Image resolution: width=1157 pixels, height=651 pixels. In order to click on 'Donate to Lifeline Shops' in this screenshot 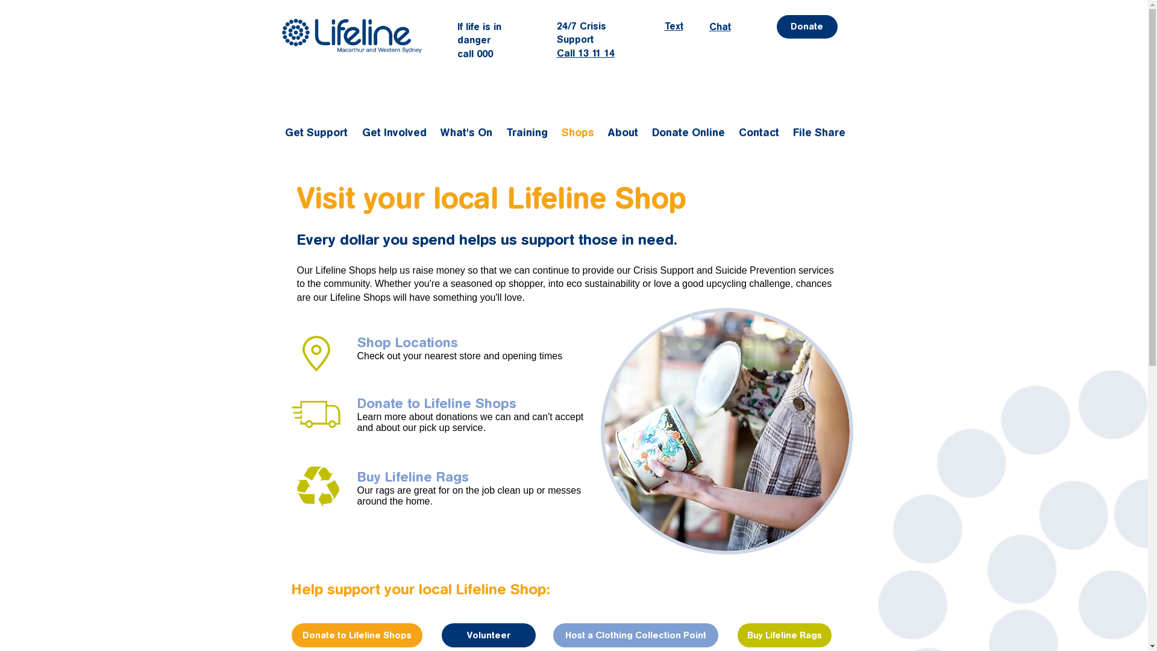, I will do `click(356, 634)`.